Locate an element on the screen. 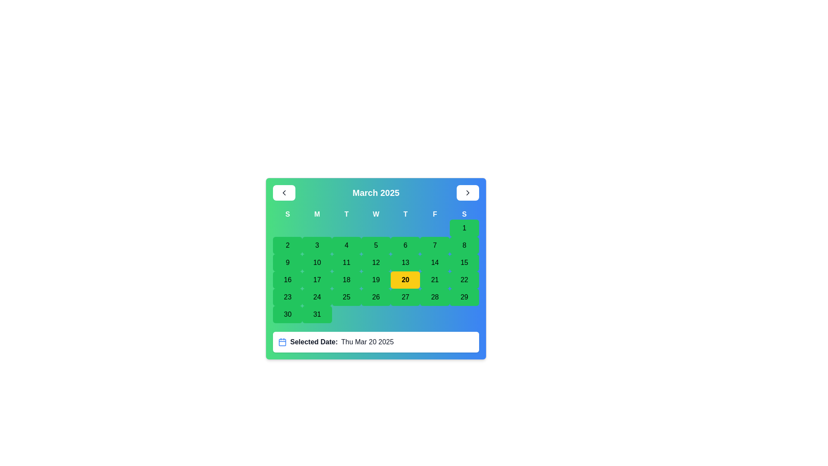  the date selector button in the calendar grid, located in the second row and seventh column is located at coordinates (435, 246).